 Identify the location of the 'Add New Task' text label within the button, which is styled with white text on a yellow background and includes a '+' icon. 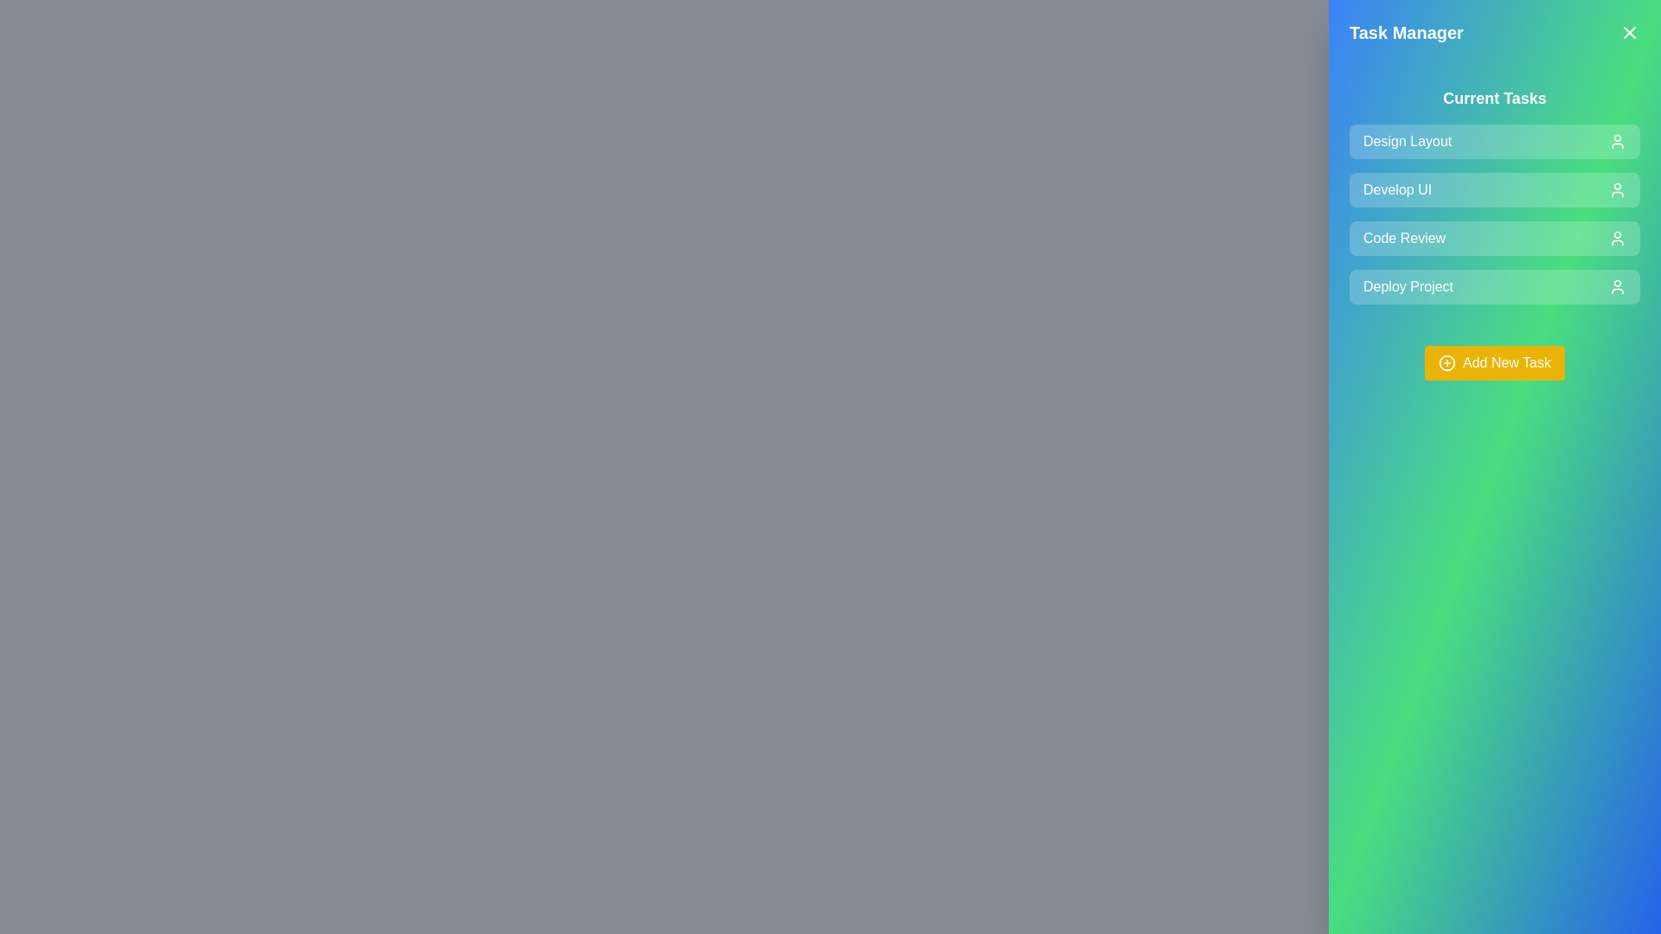
(1506, 362).